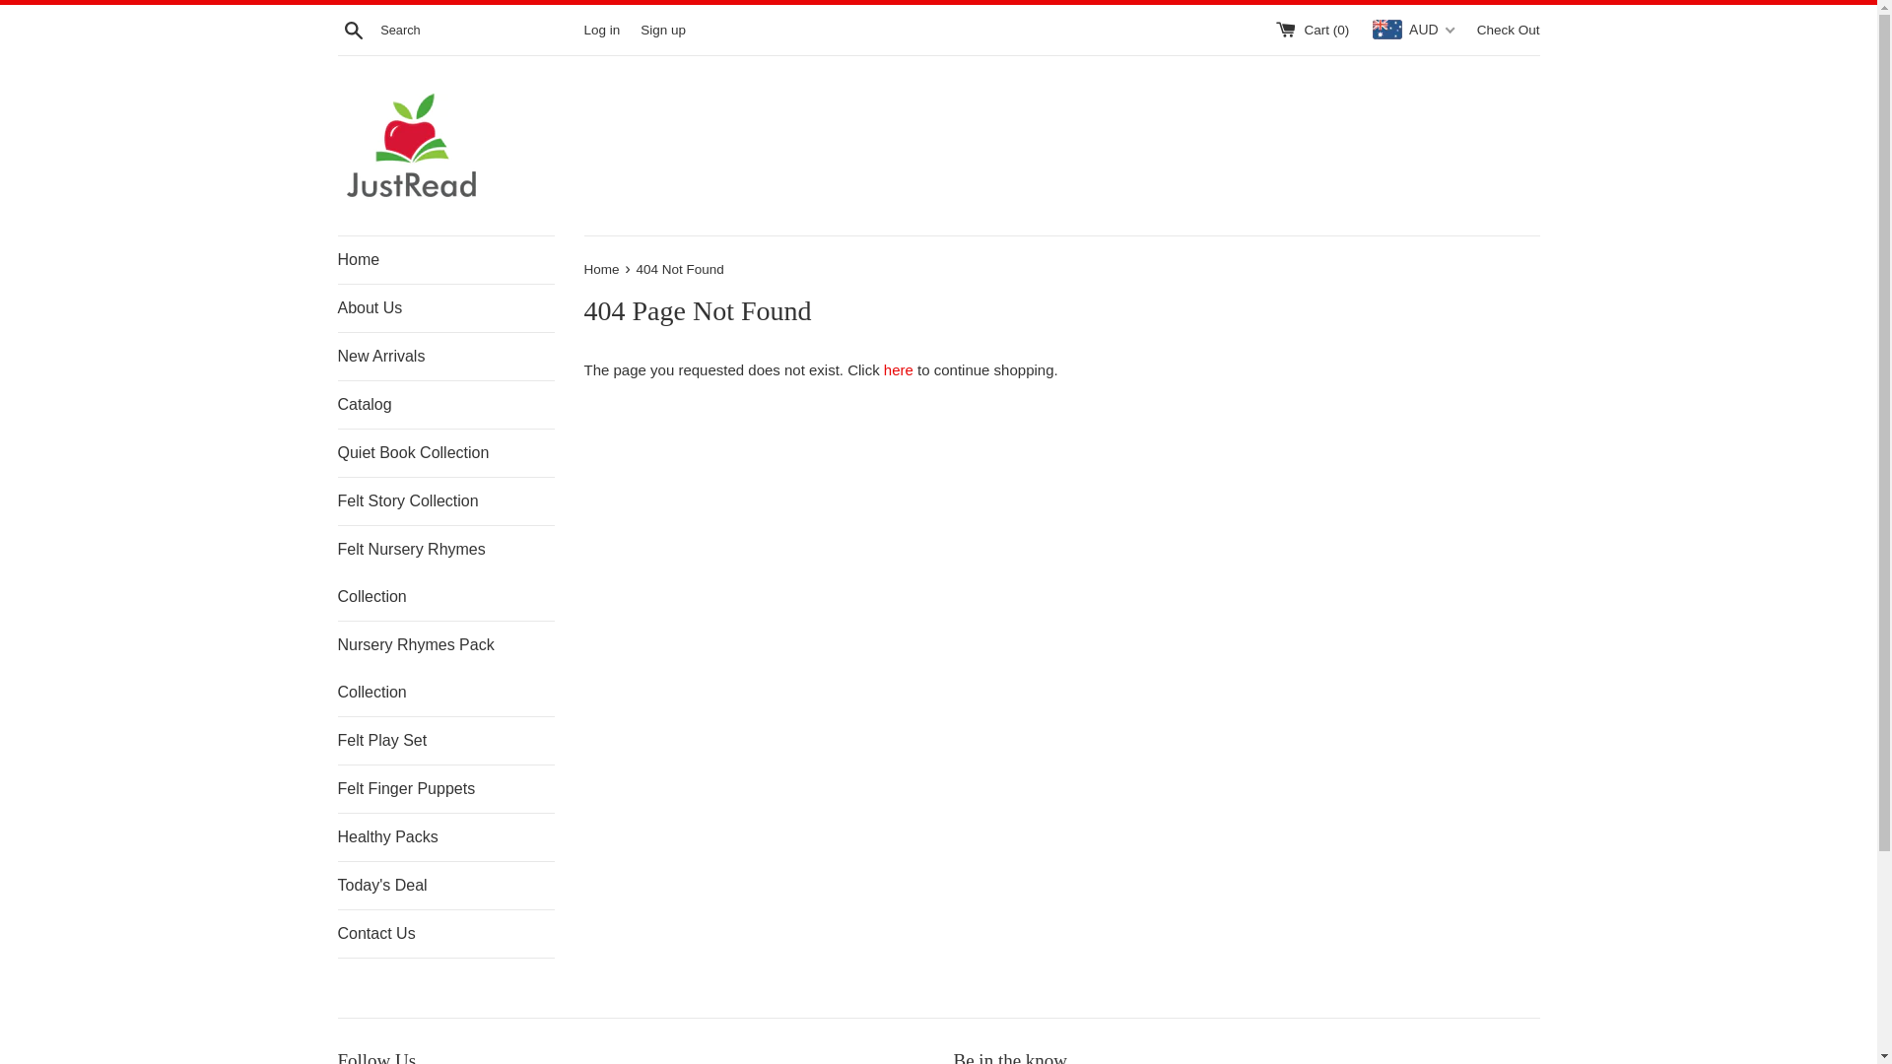 The height and width of the screenshot is (1064, 1892). Describe the element at coordinates (443, 741) in the screenshot. I see `'Felt Play Set'` at that location.